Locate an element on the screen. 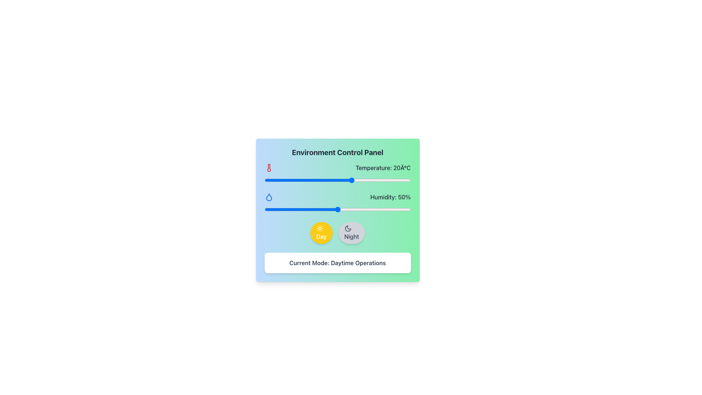  the 'Night' toggle button, which is the gray button with dark text located to the right of the 'Day' button in the toggle switch group is located at coordinates (337, 233).